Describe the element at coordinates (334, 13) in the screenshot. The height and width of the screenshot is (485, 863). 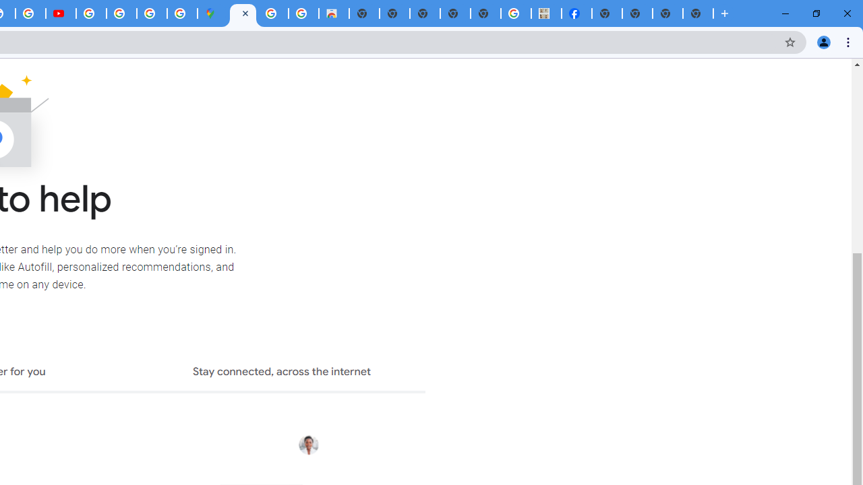
I see `'Chrome Web Store - Shopping'` at that location.